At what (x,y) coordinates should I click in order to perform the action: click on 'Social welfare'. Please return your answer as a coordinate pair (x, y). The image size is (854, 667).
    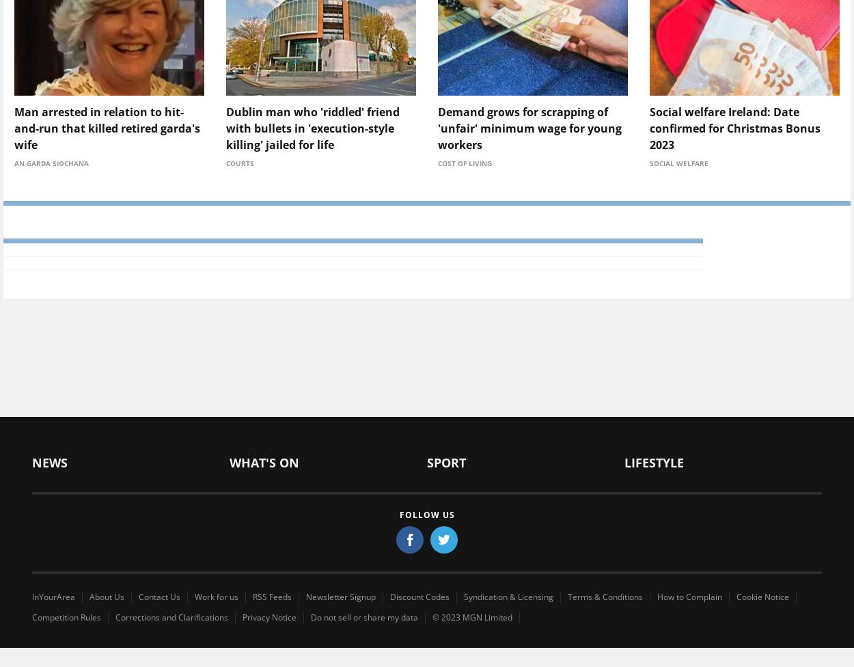
    Looking at the image, I should click on (678, 163).